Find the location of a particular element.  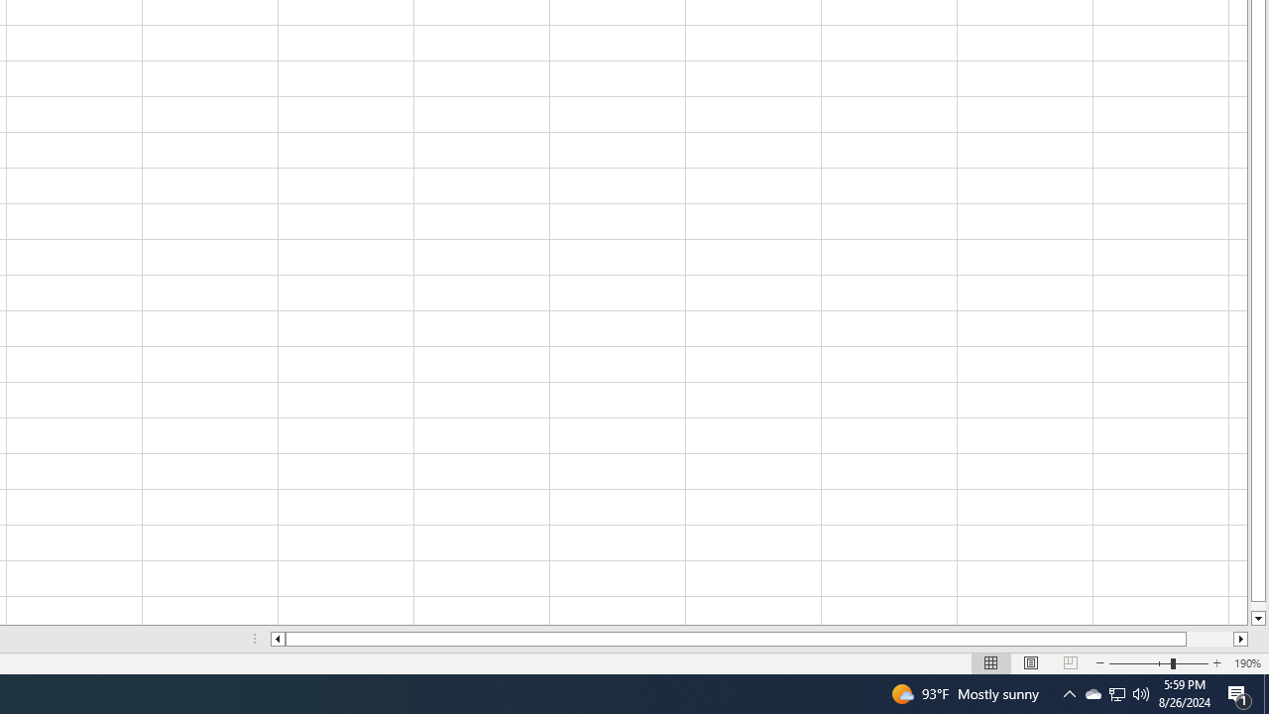

'Page right' is located at coordinates (1209, 639).